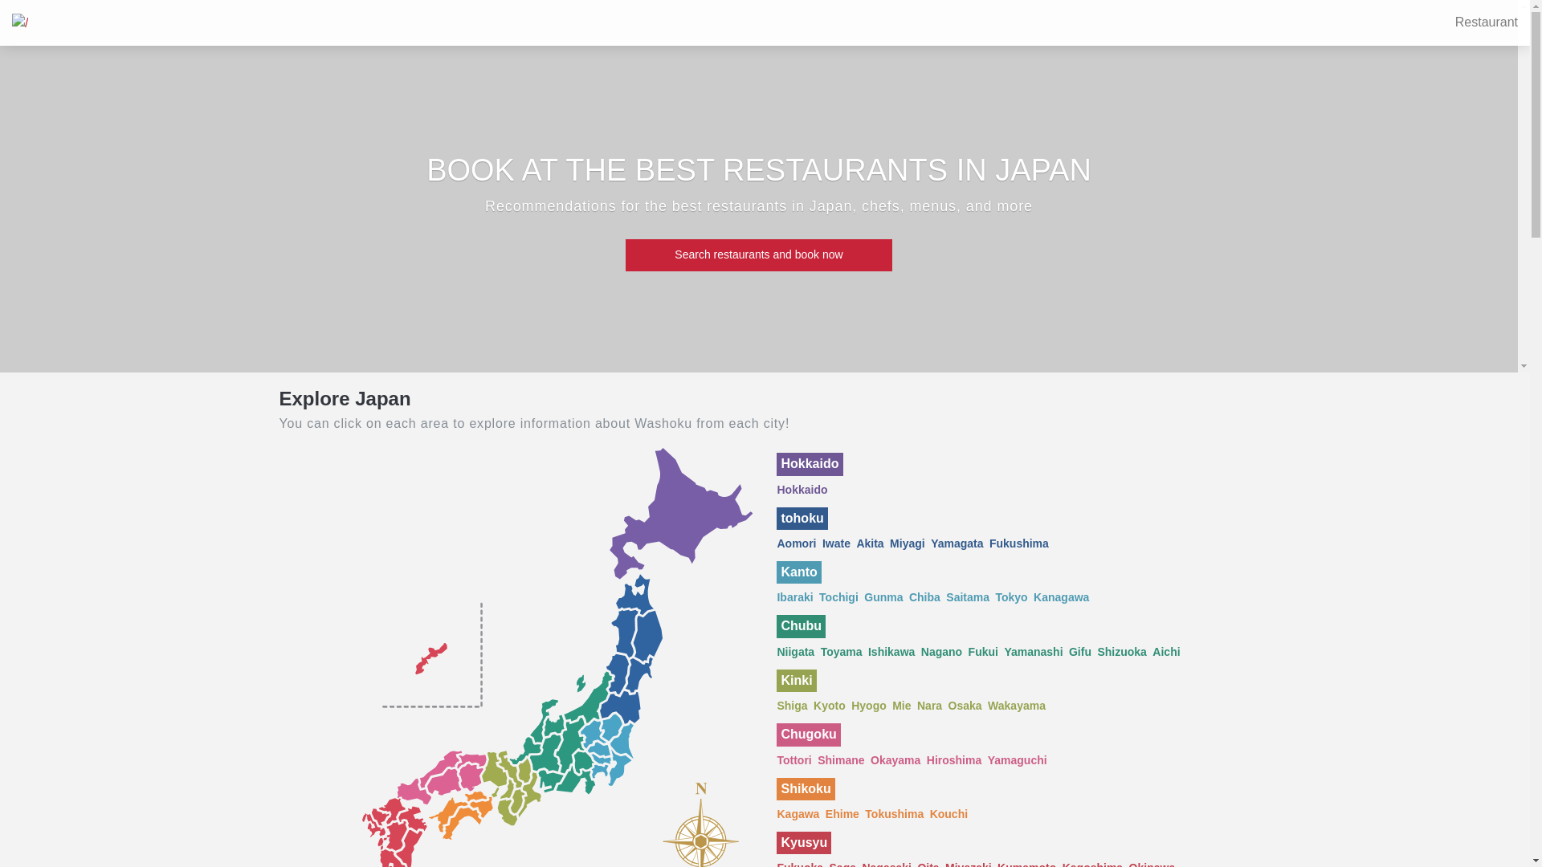 This screenshot has height=867, width=1542. Describe the element at coordinates (901, 705) in the screenshot. I see `'Mie'` at that location.